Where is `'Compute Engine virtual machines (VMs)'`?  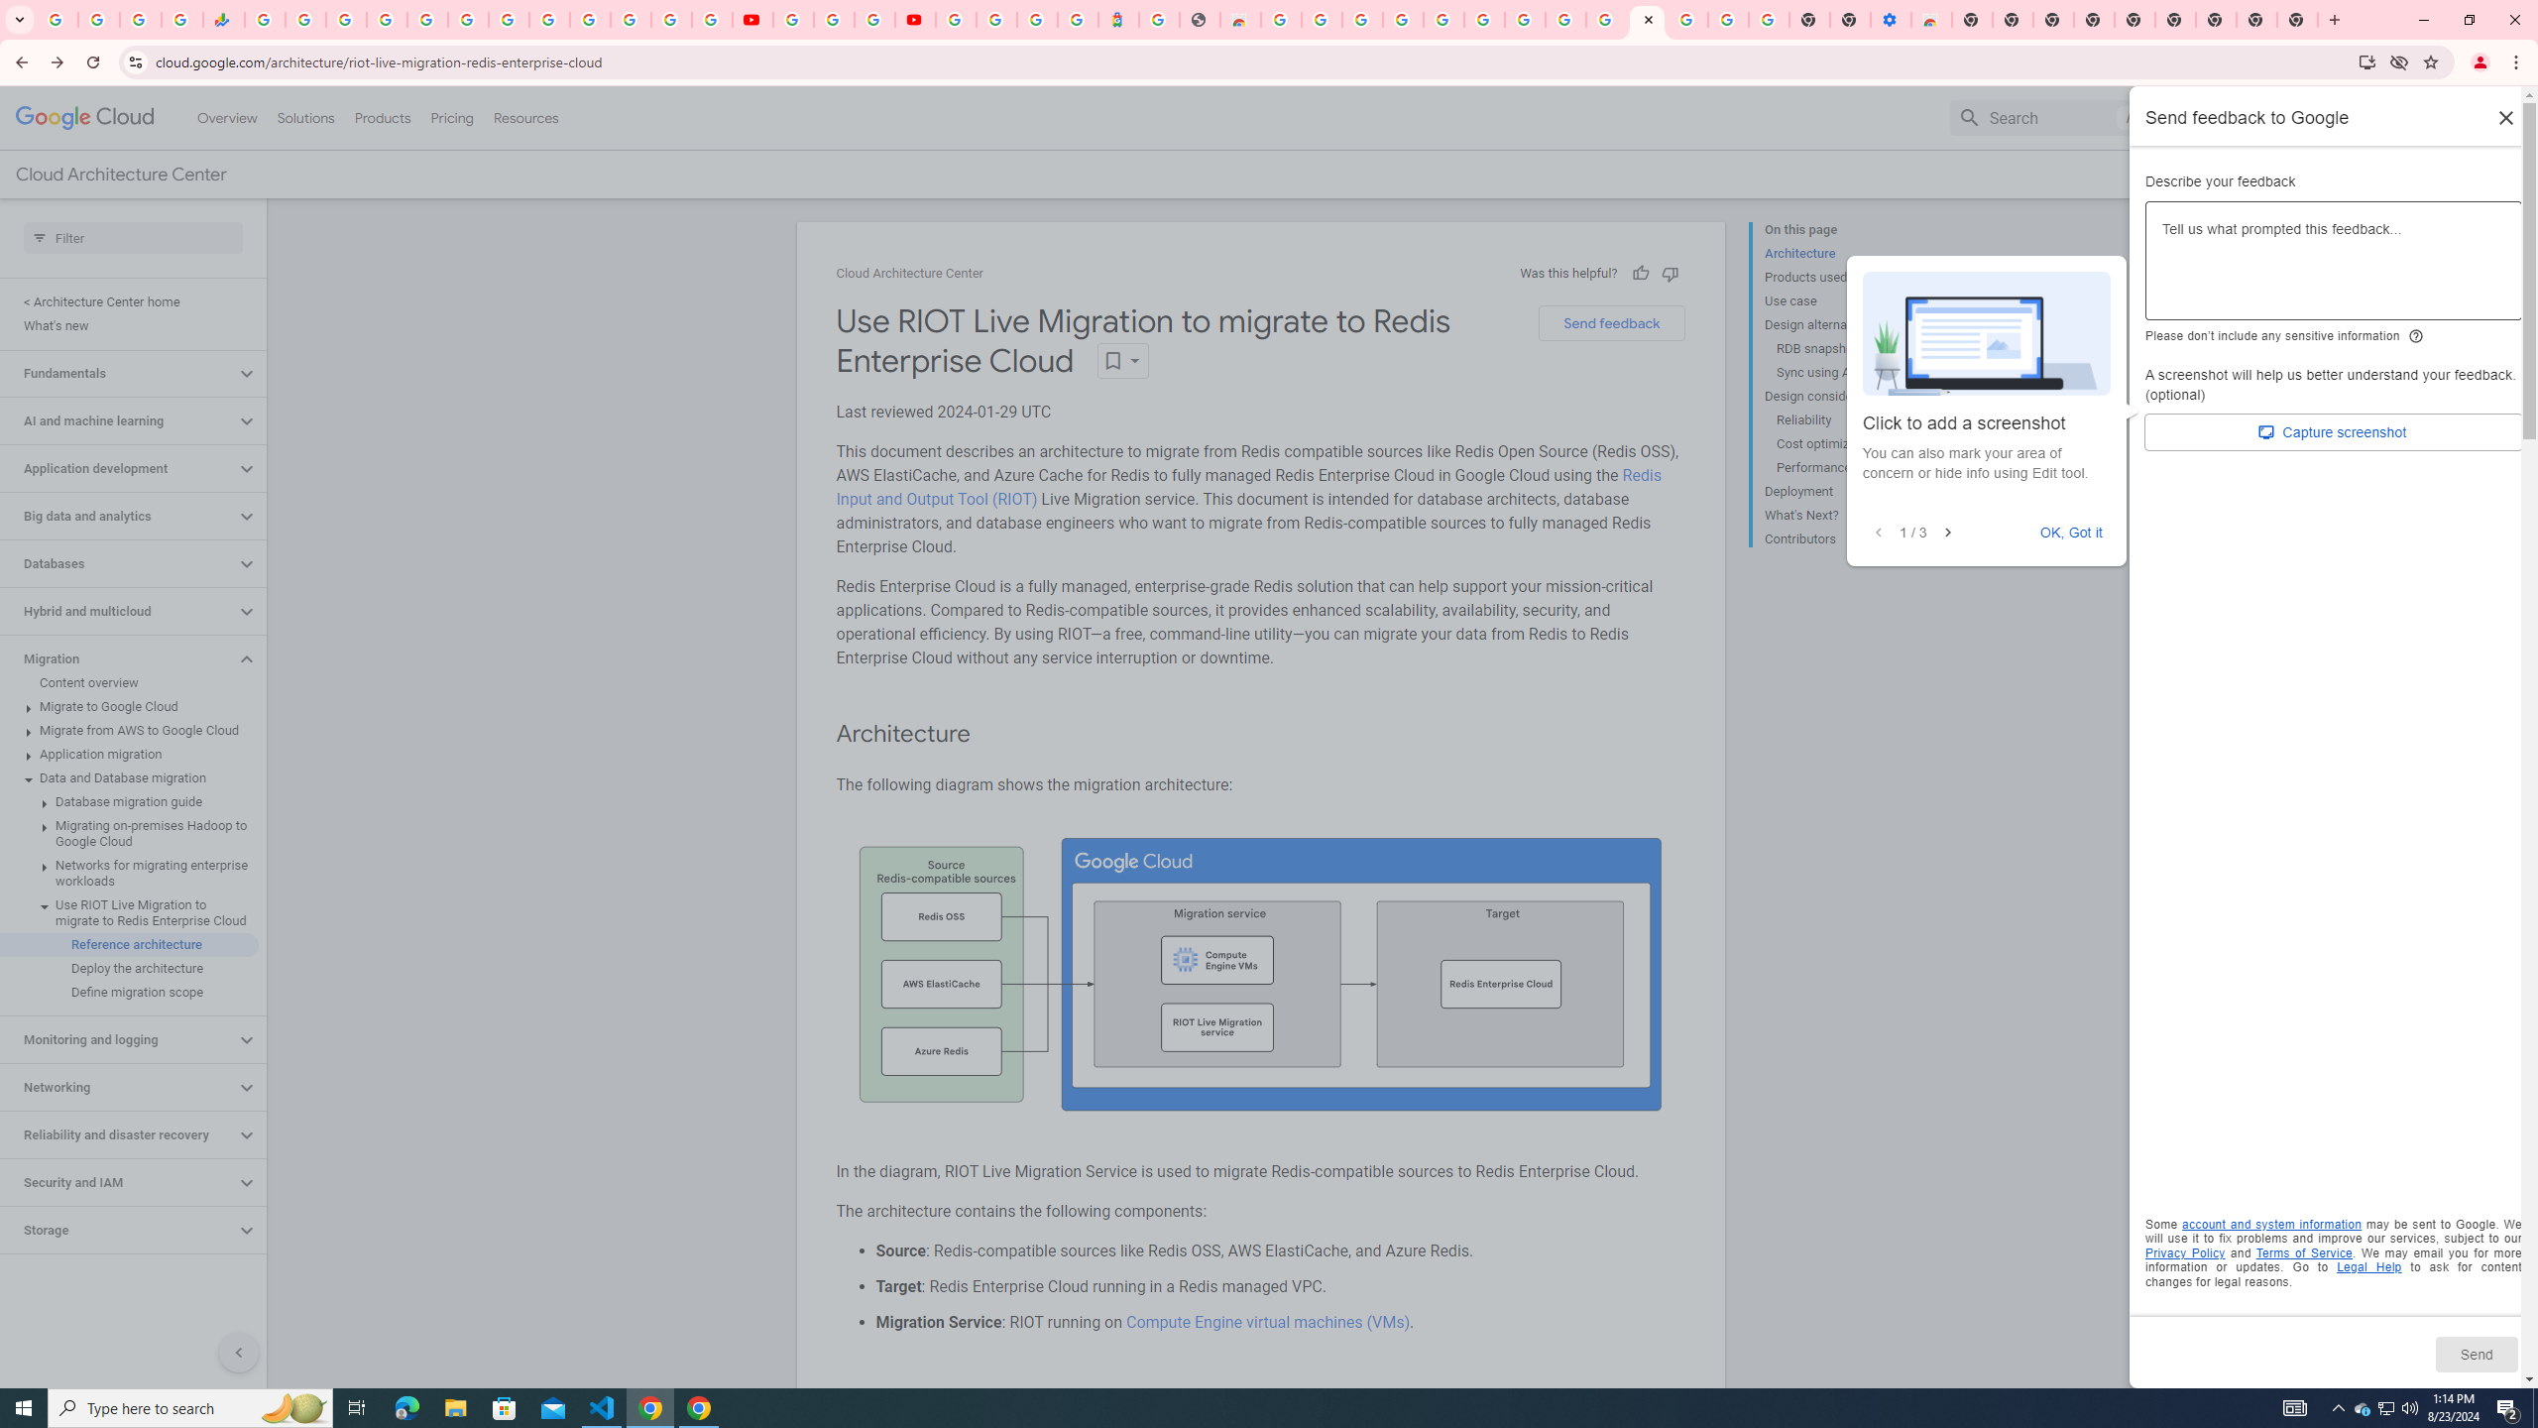 'Compute Engine virtual machines (VMs)' is located at coordinates (1265, 1321).